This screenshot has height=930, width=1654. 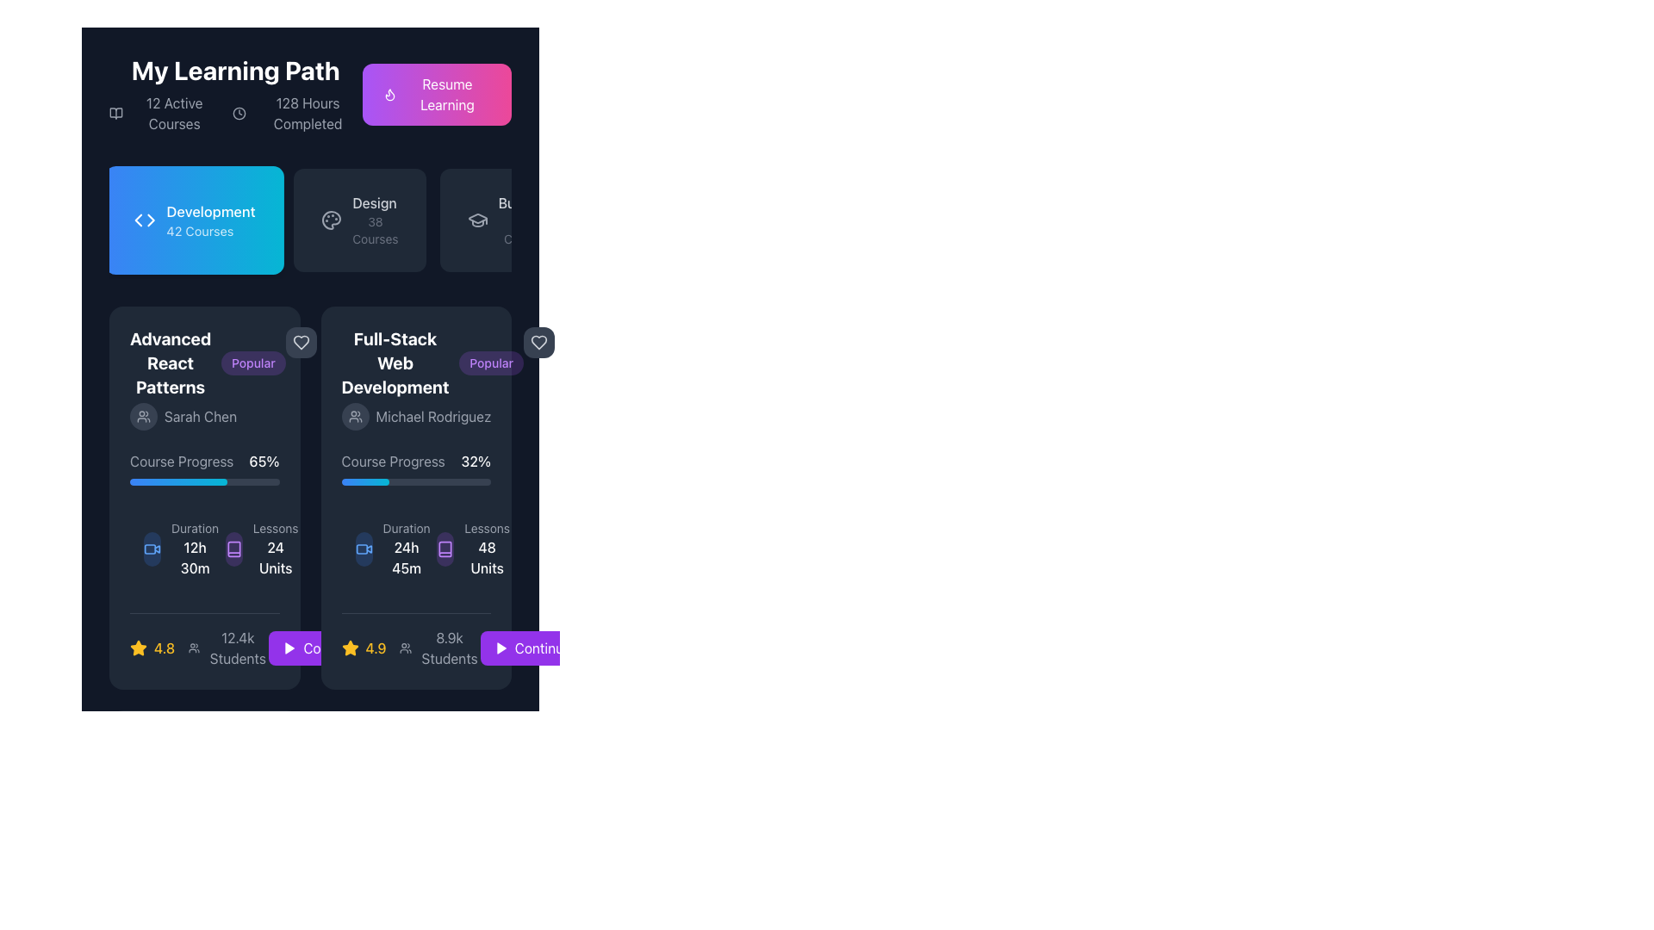 I want to click on the button located at the bottom-right of the 'Full-Stack Web Development' card using keyboard navigation to initiate or continue the user's interaction with the course, so click(x=542, y=648).